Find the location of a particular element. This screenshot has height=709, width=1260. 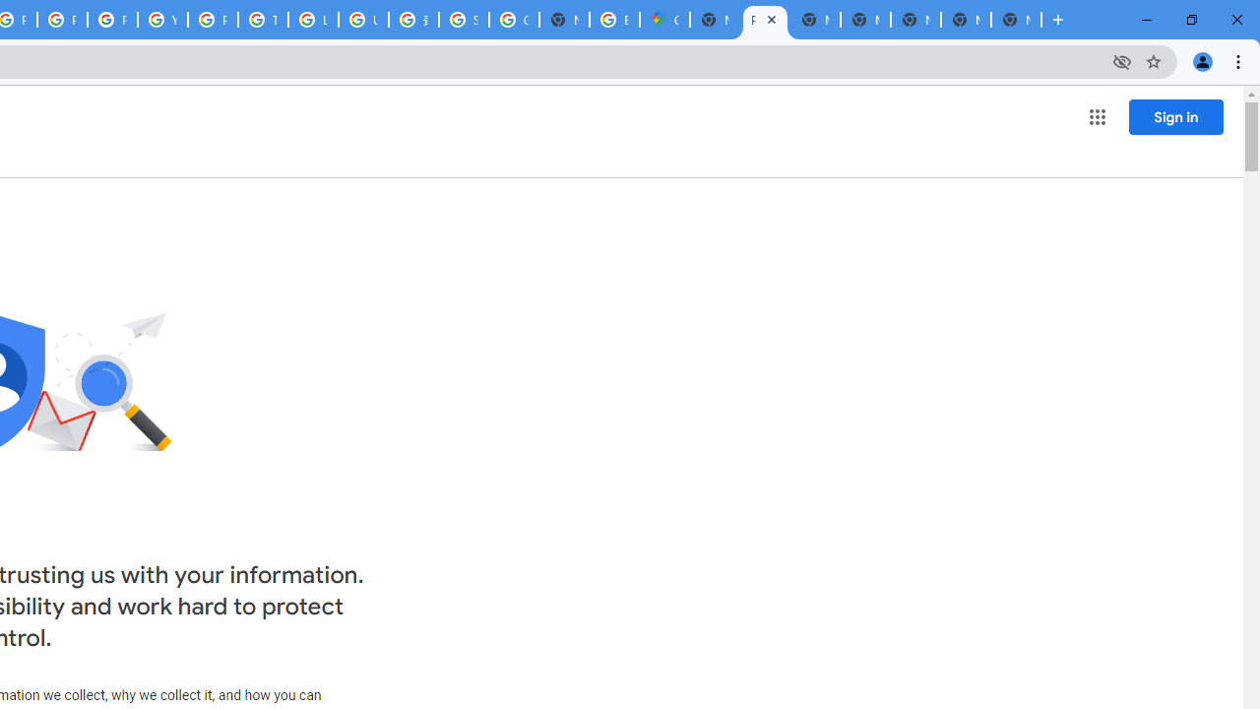

'YouTube' is located at coordinates (162, 20).